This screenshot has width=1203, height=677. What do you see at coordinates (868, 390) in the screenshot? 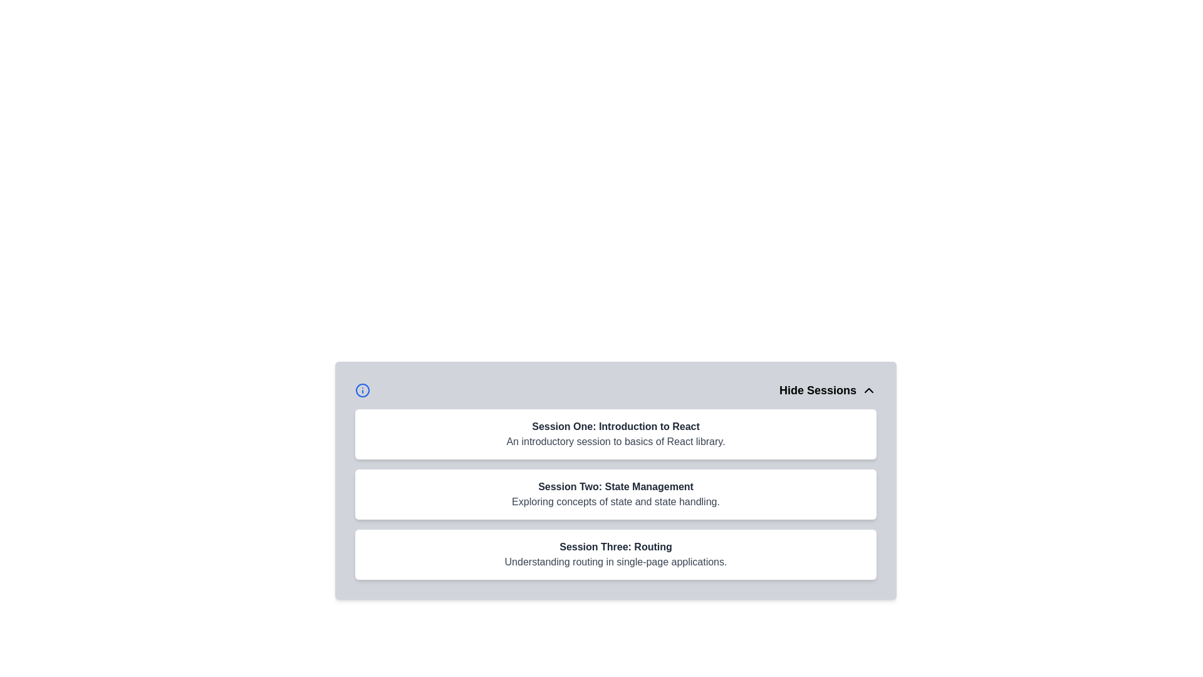
I see `the Chevron-Down Arrow icon located to the right of the 'Hide Sessions' text` at bounding box center [868, 390].